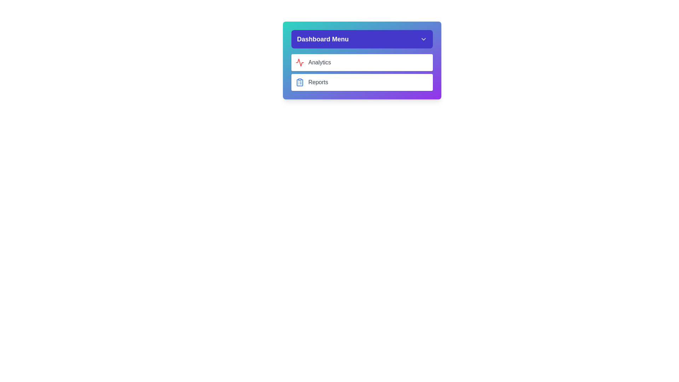 The width and height of the screenshot is (679, 382). Describe the element at coordinates (424, 39) in the screenshot. I see `the Chevron Down icon located at the top-right corner of the 'Dashboard Menu'` at that location.